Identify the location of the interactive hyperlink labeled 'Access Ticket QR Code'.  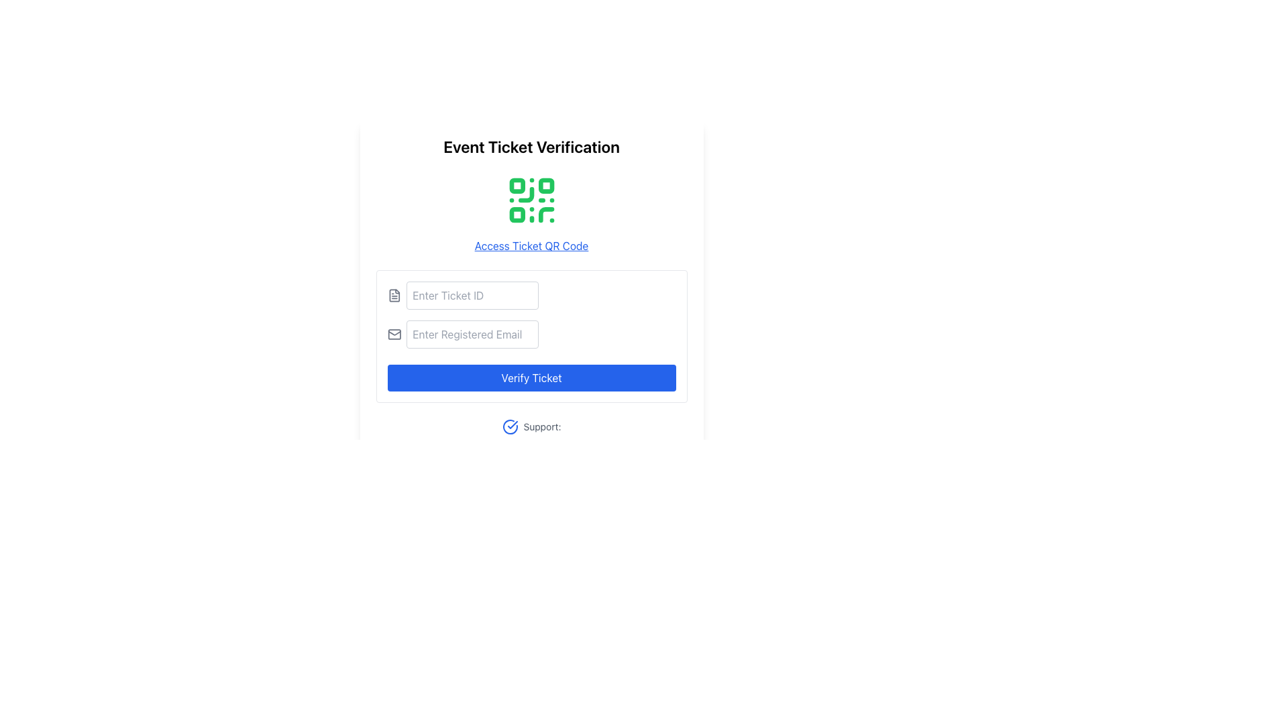
(531, 245).